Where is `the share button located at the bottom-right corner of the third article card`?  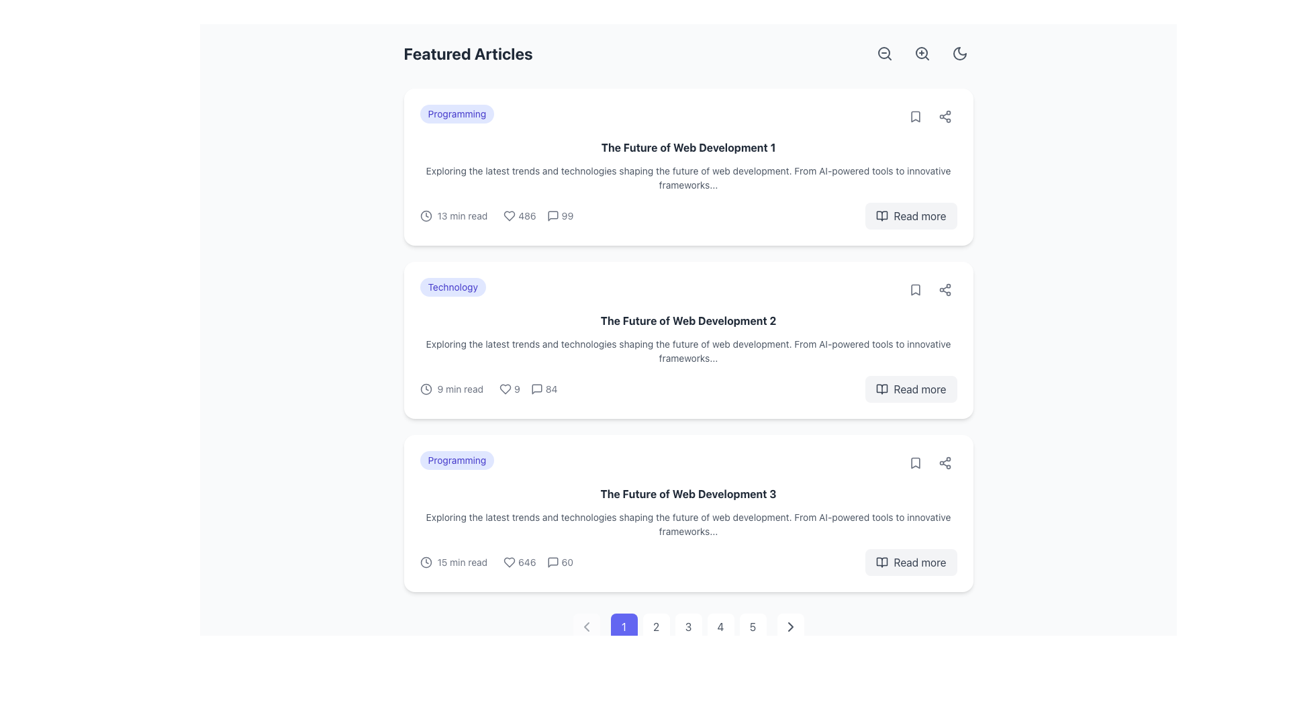 the share button located at the bottom-right corner of the third article card is located at coordinates (944, 463).